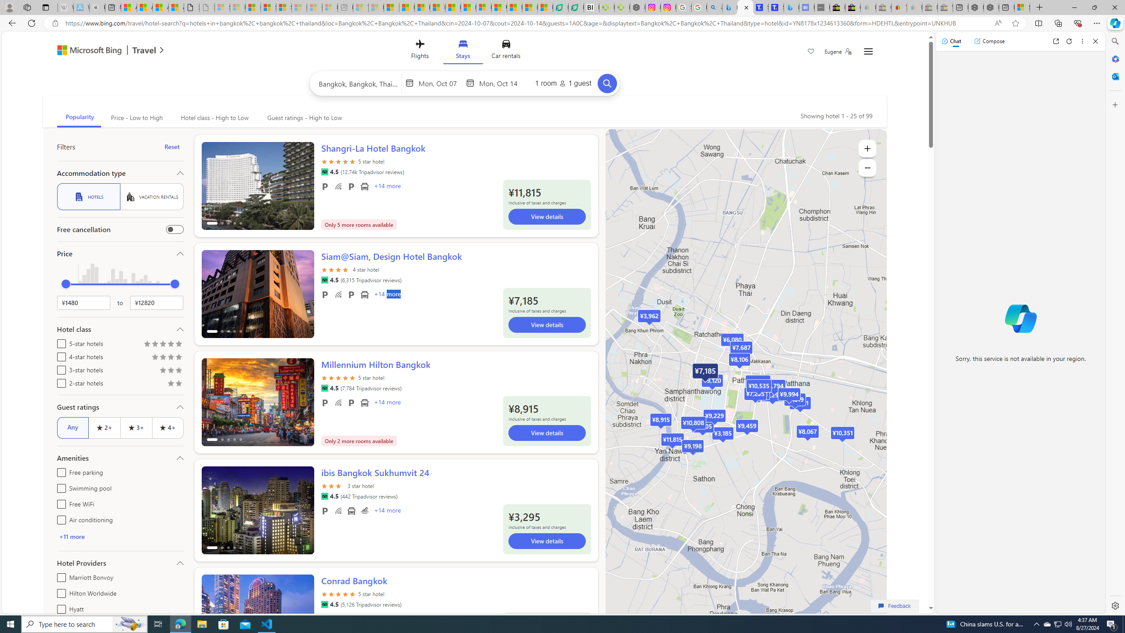 Image resolution: width=1125 pixels, height=633 pixels. Describe the element at coordinates (745, 7) in the screenshot. I see `'Microsoft Bing Travel - Stays in Bangkok, Bangkok, Thailand'` at that location.